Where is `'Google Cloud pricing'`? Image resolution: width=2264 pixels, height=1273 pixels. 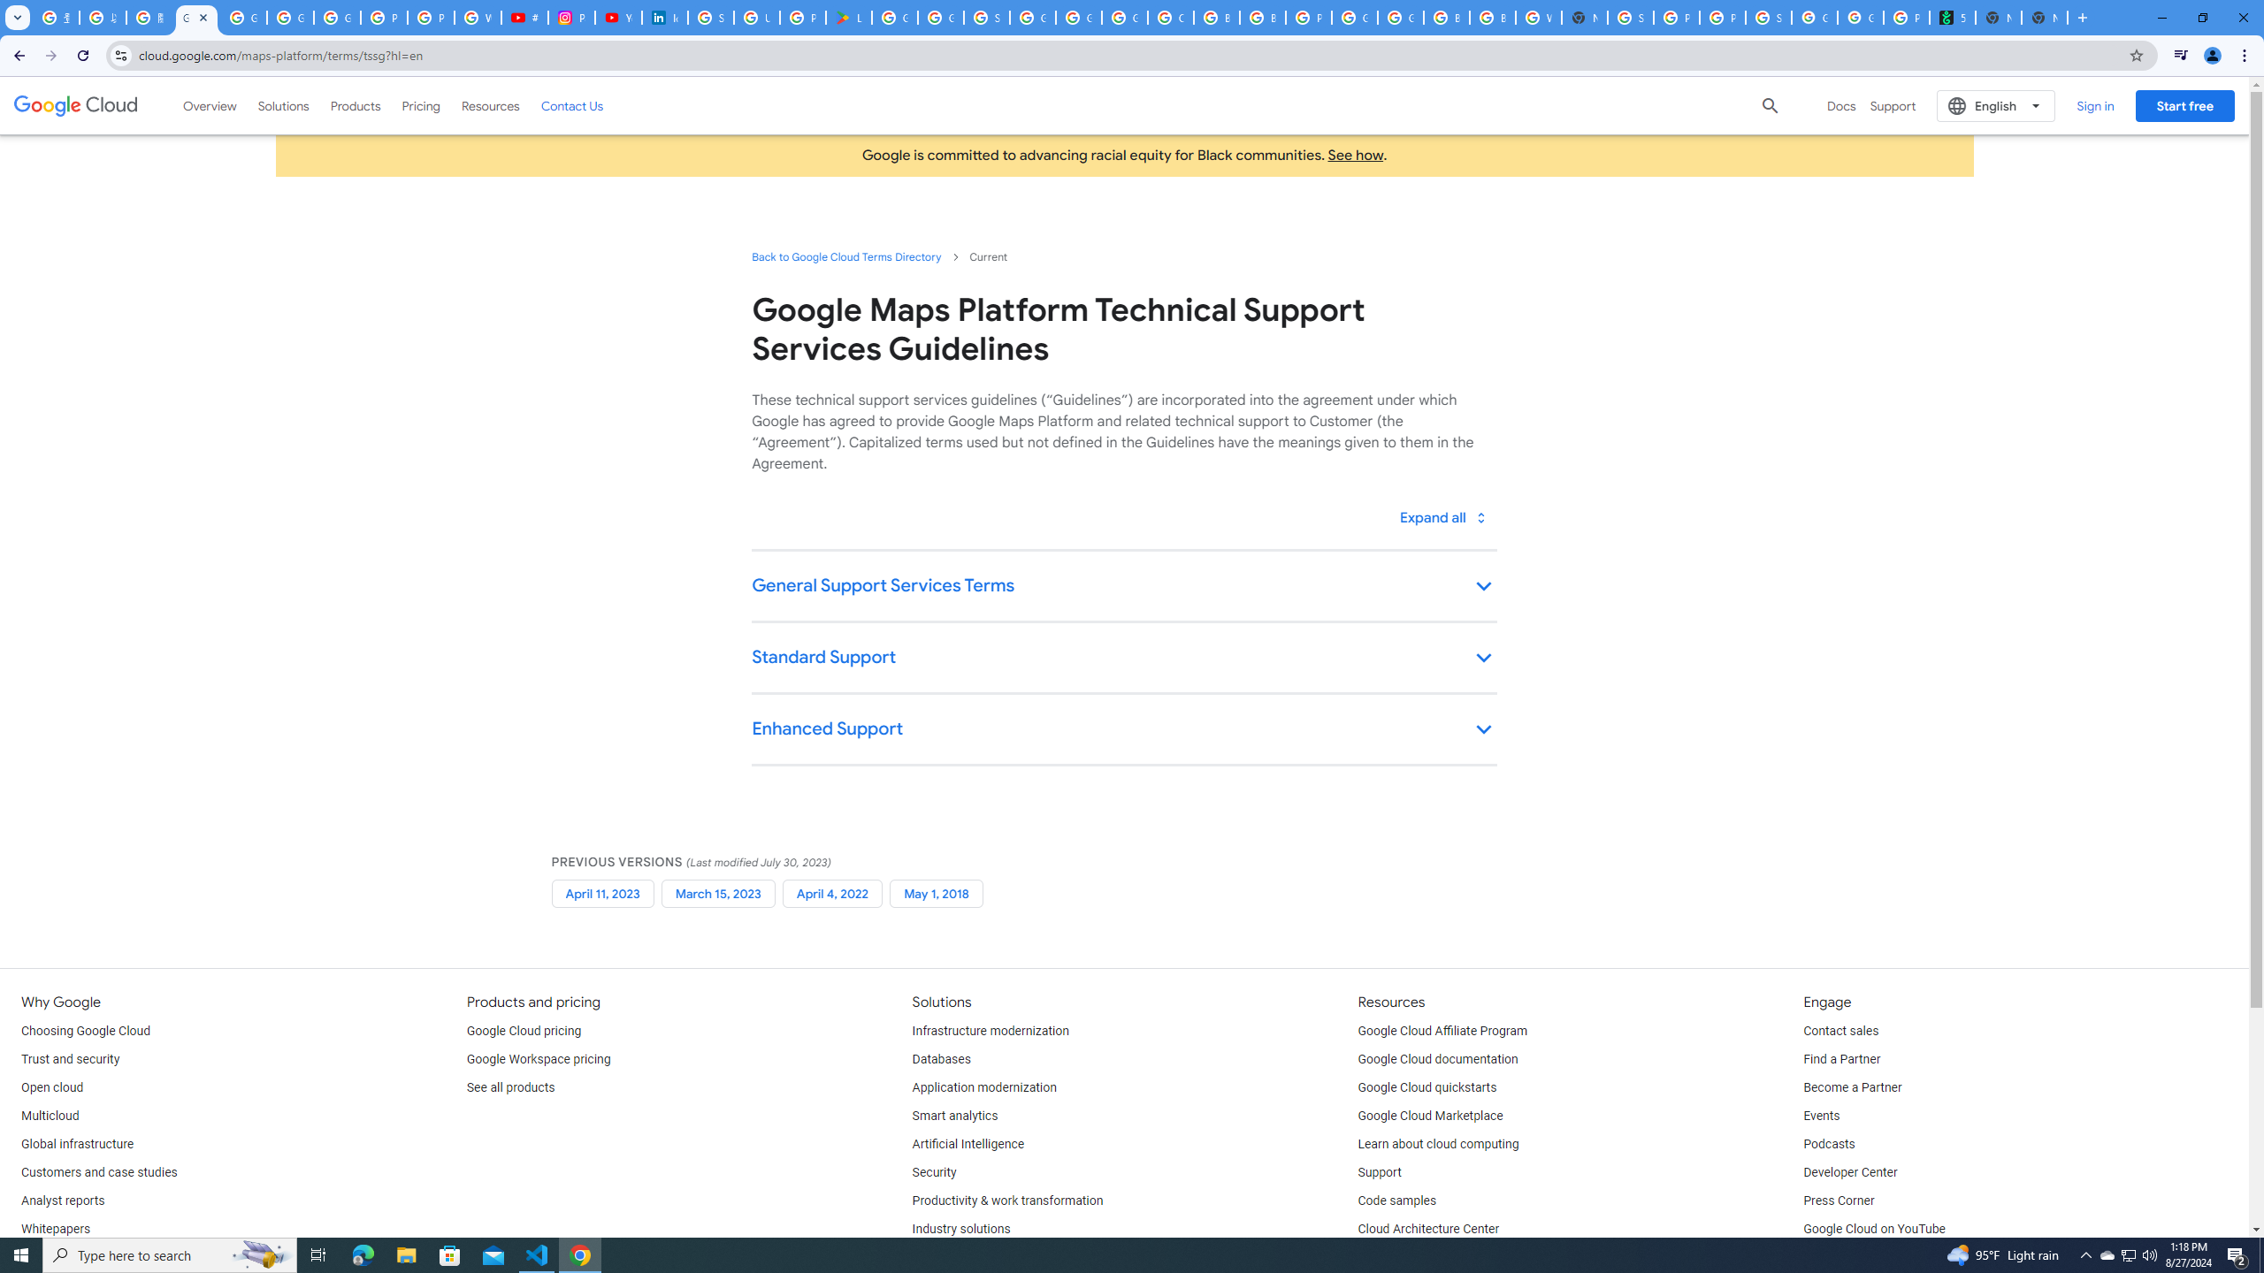 'Google Cloud pricing' is located at coordinates (523, 1032).